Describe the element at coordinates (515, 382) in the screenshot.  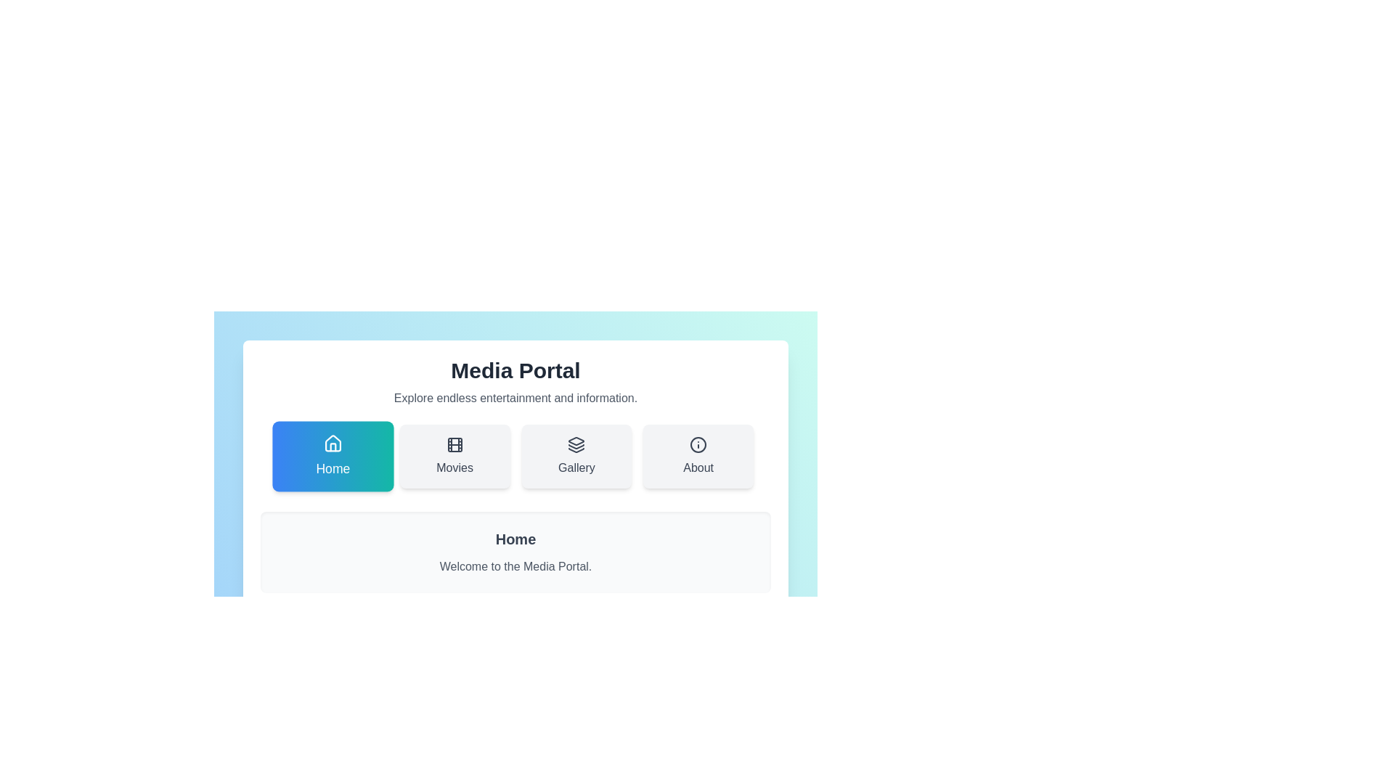
I see `static text group located at the top-center of the card section, which provides a title and brief description, positioned above the navigational buttons` at that location.